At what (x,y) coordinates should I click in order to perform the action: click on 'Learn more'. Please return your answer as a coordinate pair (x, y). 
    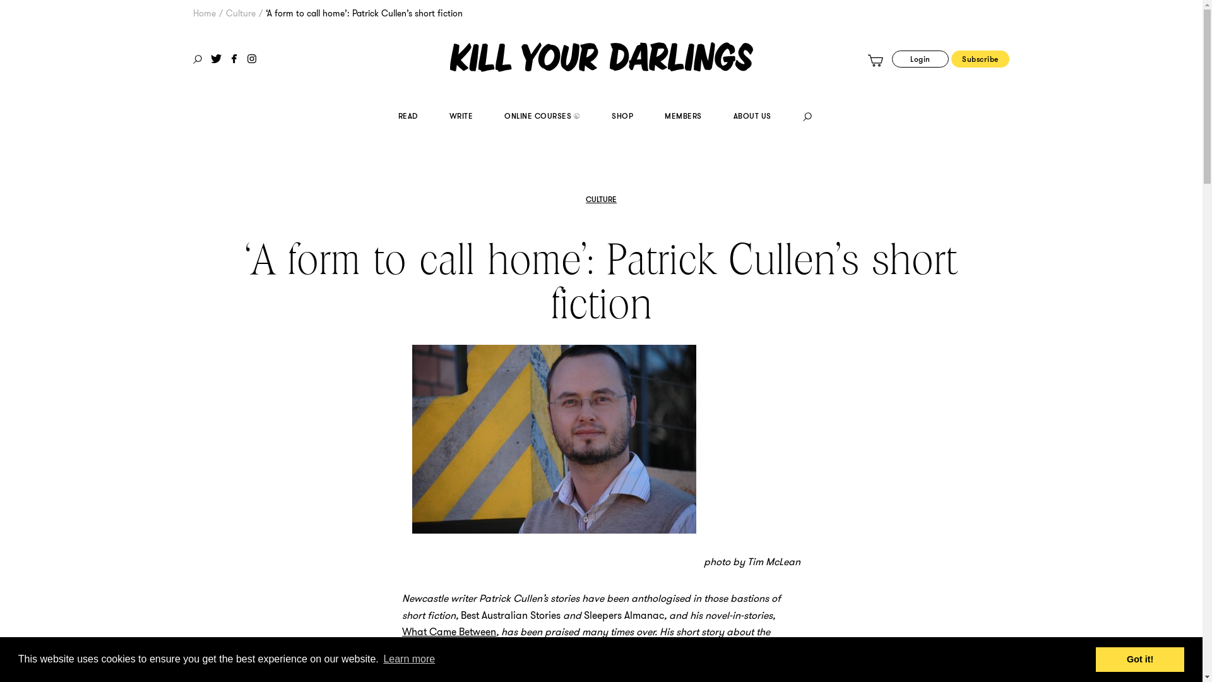
    Looking at the image, I should click on (381, 659).